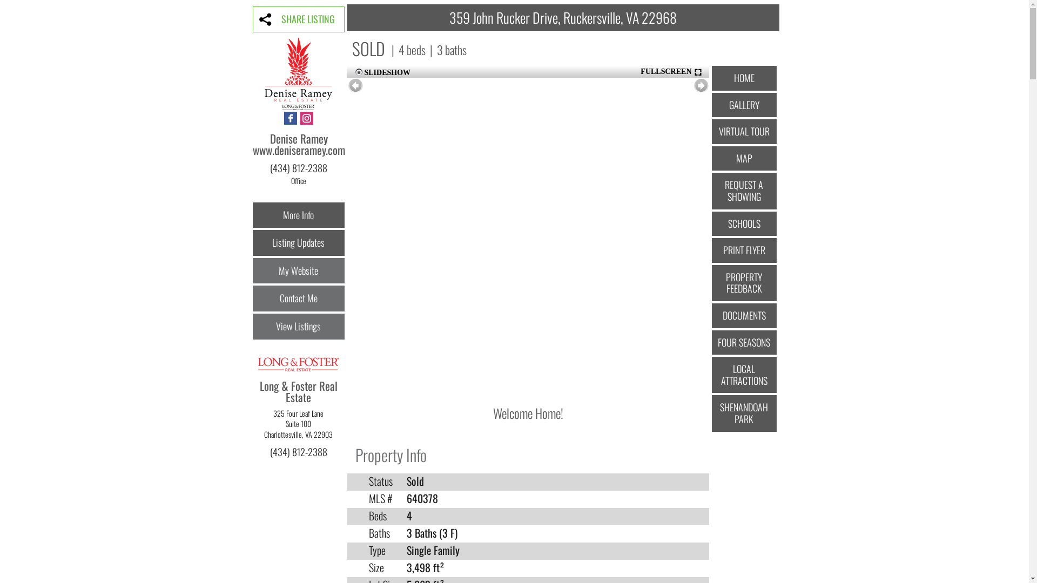 This screenshot has height=583, width=1037. I want to click on 'VIRTUAL TOUR', so click(712, 131).